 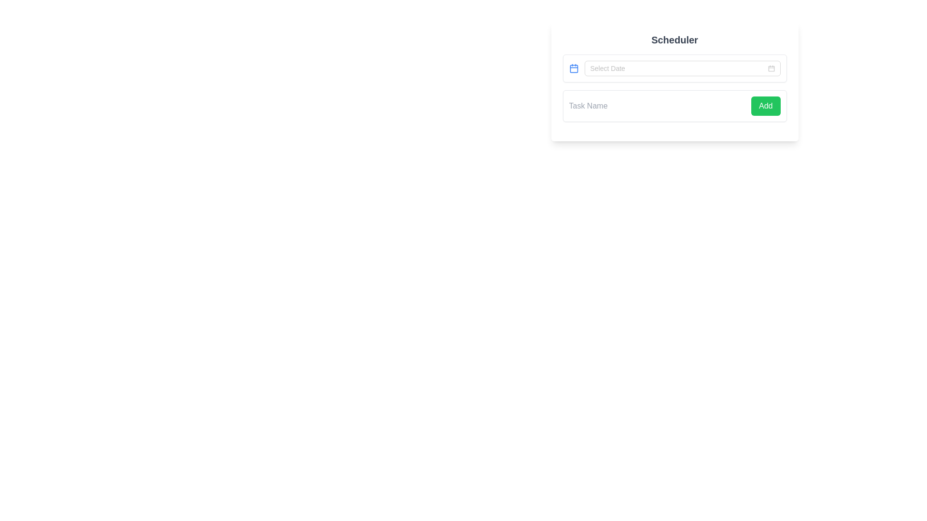 What do you see at coordinates (574, 68) in the screenshot?
I see `the background rectangle of the calendar icon, which serves as the base for date selection functionality, located on the left-hand side of the 'Select Date' input field` at bounding box center [574, 68].